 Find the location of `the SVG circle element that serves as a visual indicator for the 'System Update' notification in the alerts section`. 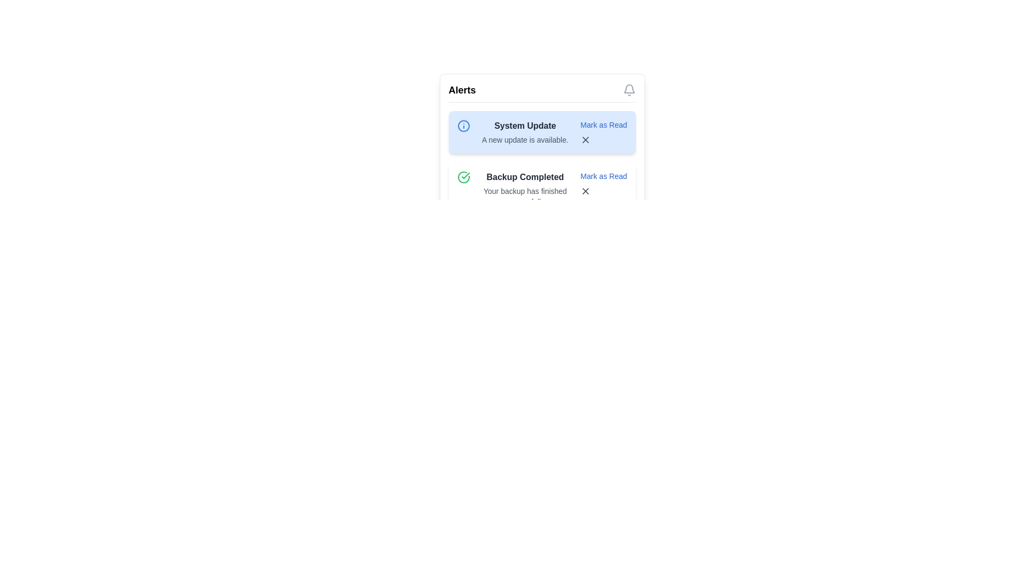

the SVG circle element that serves as a visual indicator for the 'System Update' notification in the alerts section is located at coordinates (463, 125).